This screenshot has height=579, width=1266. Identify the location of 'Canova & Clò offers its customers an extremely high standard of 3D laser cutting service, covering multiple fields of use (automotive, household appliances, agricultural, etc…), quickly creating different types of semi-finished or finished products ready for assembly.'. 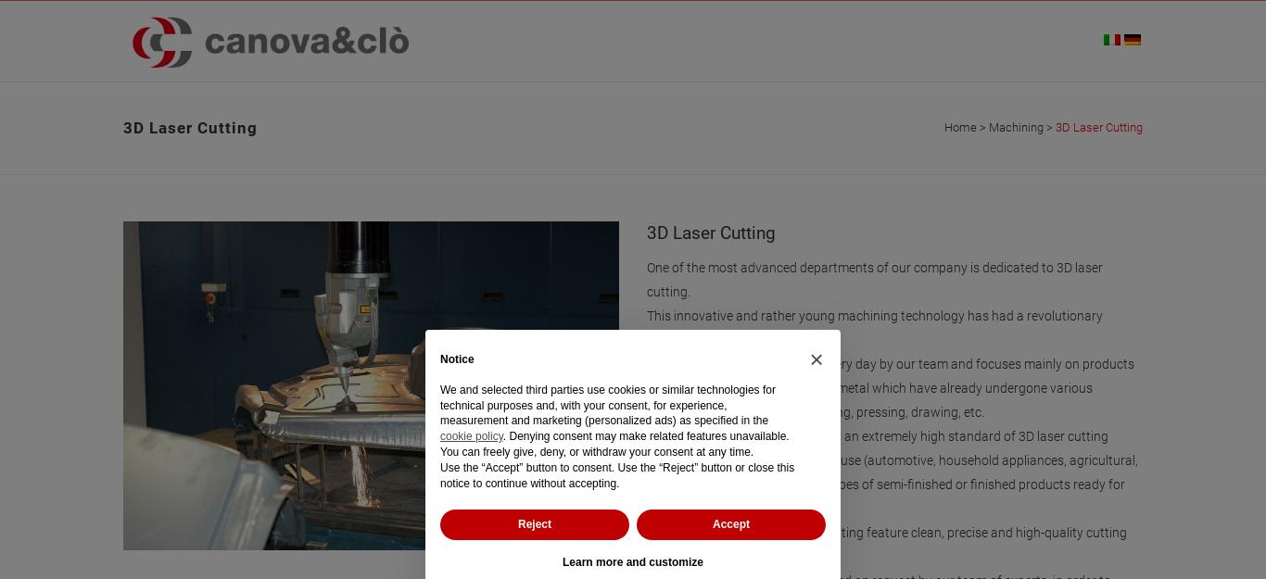
(893, 471).